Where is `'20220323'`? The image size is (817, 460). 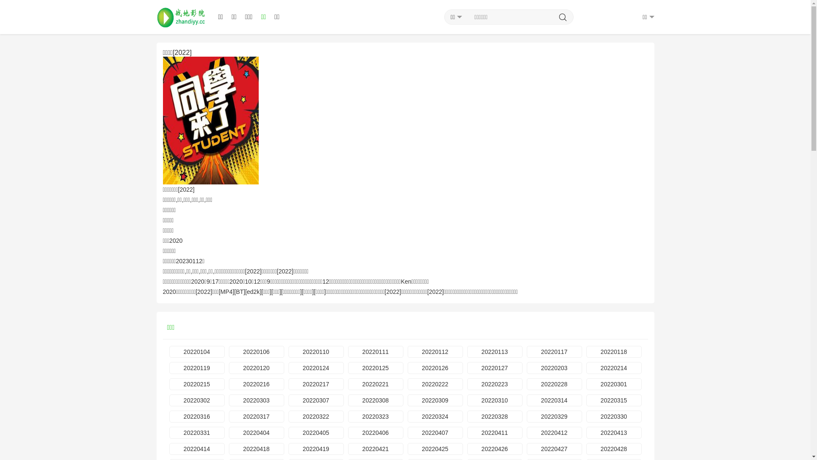
'20220323' is located at coordinates (348, 416).